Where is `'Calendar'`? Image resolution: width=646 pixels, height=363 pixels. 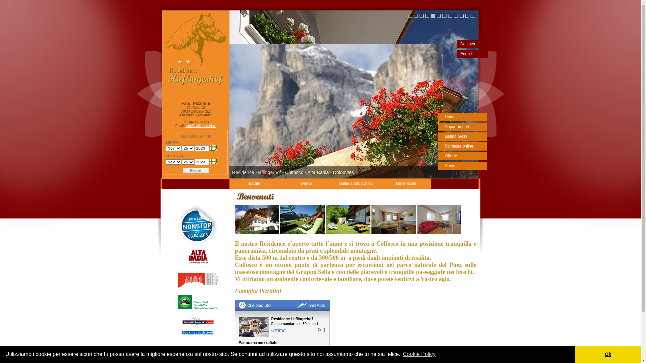 'Calendar' is located at coordinates (213, 147).